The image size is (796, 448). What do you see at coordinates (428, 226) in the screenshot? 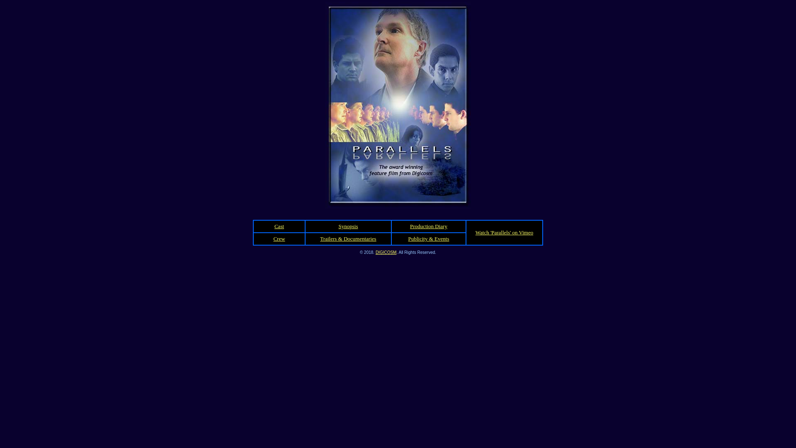
I see `'Production Diary'` at bounding box center [428, 226].